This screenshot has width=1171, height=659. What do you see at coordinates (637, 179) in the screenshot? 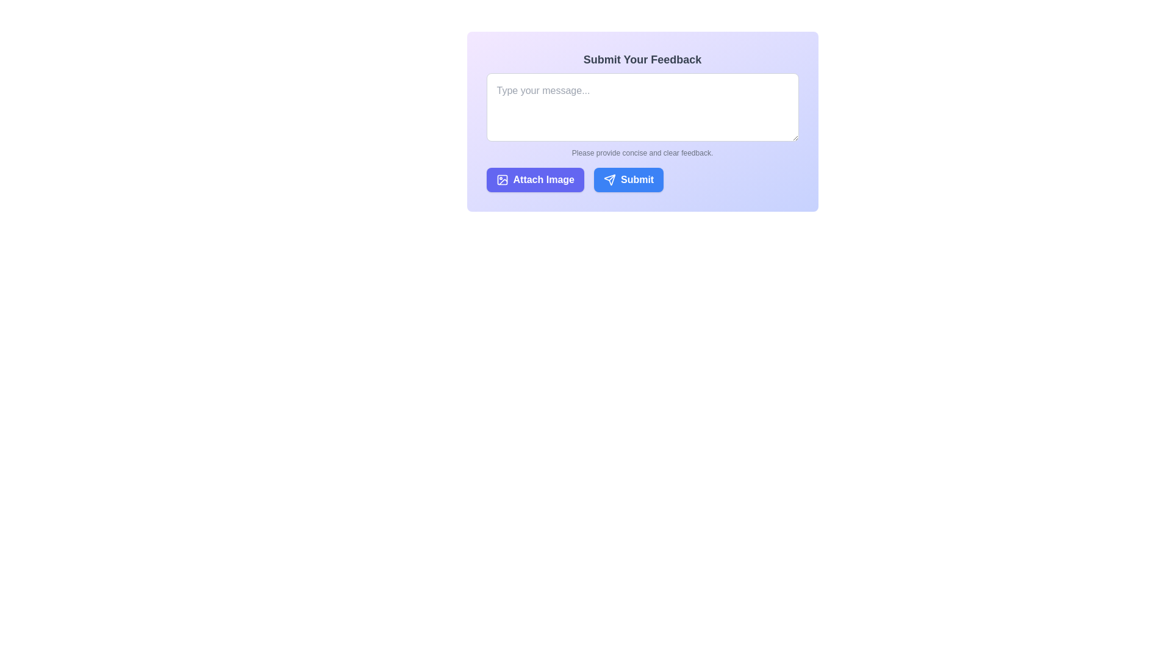
I see `the 'Submit' button, which is a blue button with rounded corners and white text, located towards the bottom-right corner of the feedback submission section` at bounding box center [637, 179].